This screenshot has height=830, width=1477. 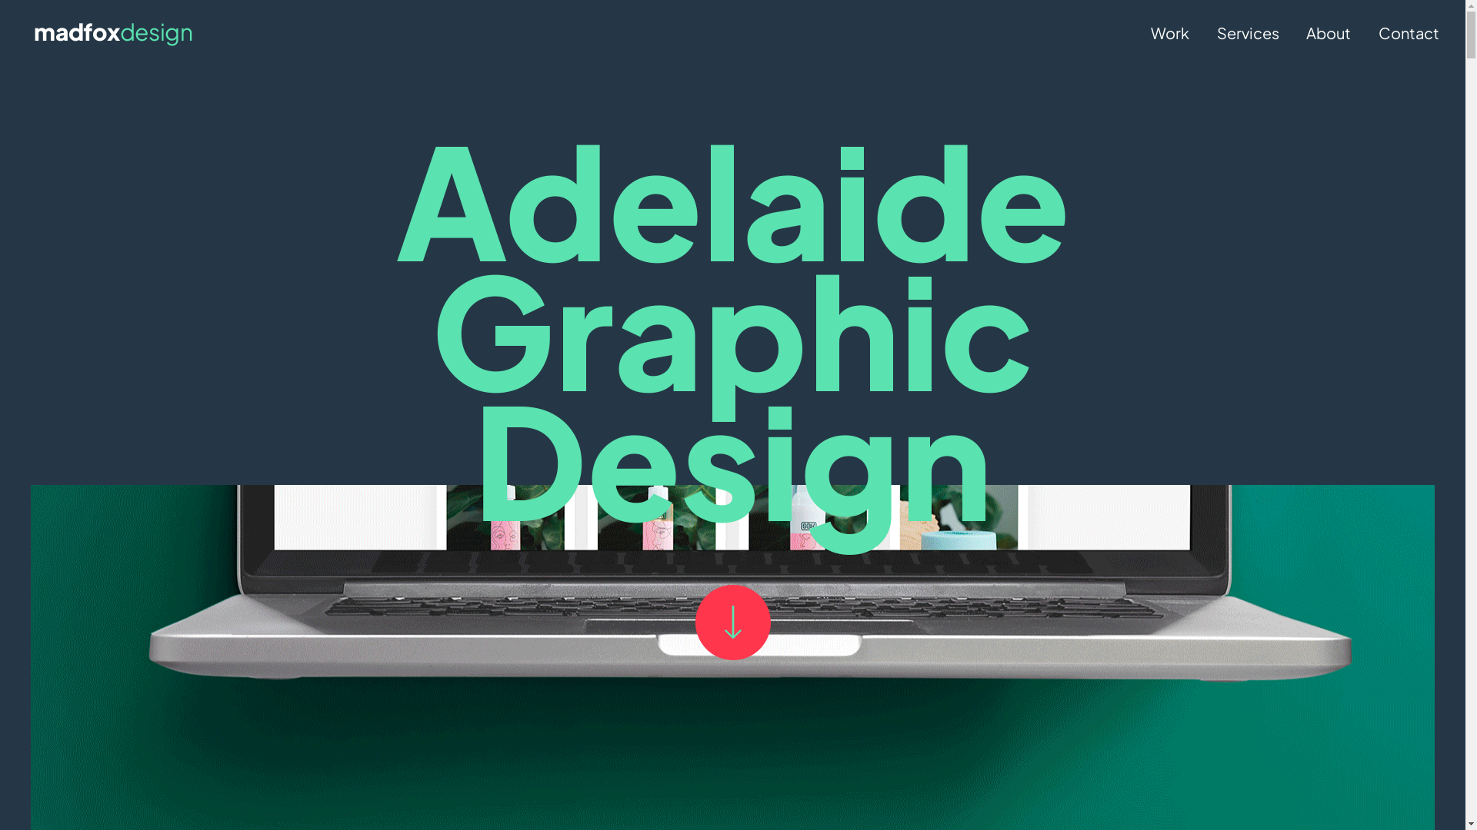 What do you see at coordinates (33, 32) in the screenshot?
I see `'madfoxdesign'` at bounding box center [33, 32].